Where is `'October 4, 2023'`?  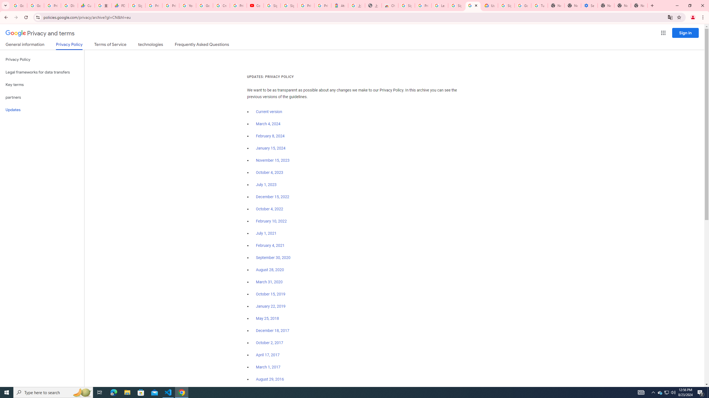 'October 4, 2023' is located at coordinates (270, 172).